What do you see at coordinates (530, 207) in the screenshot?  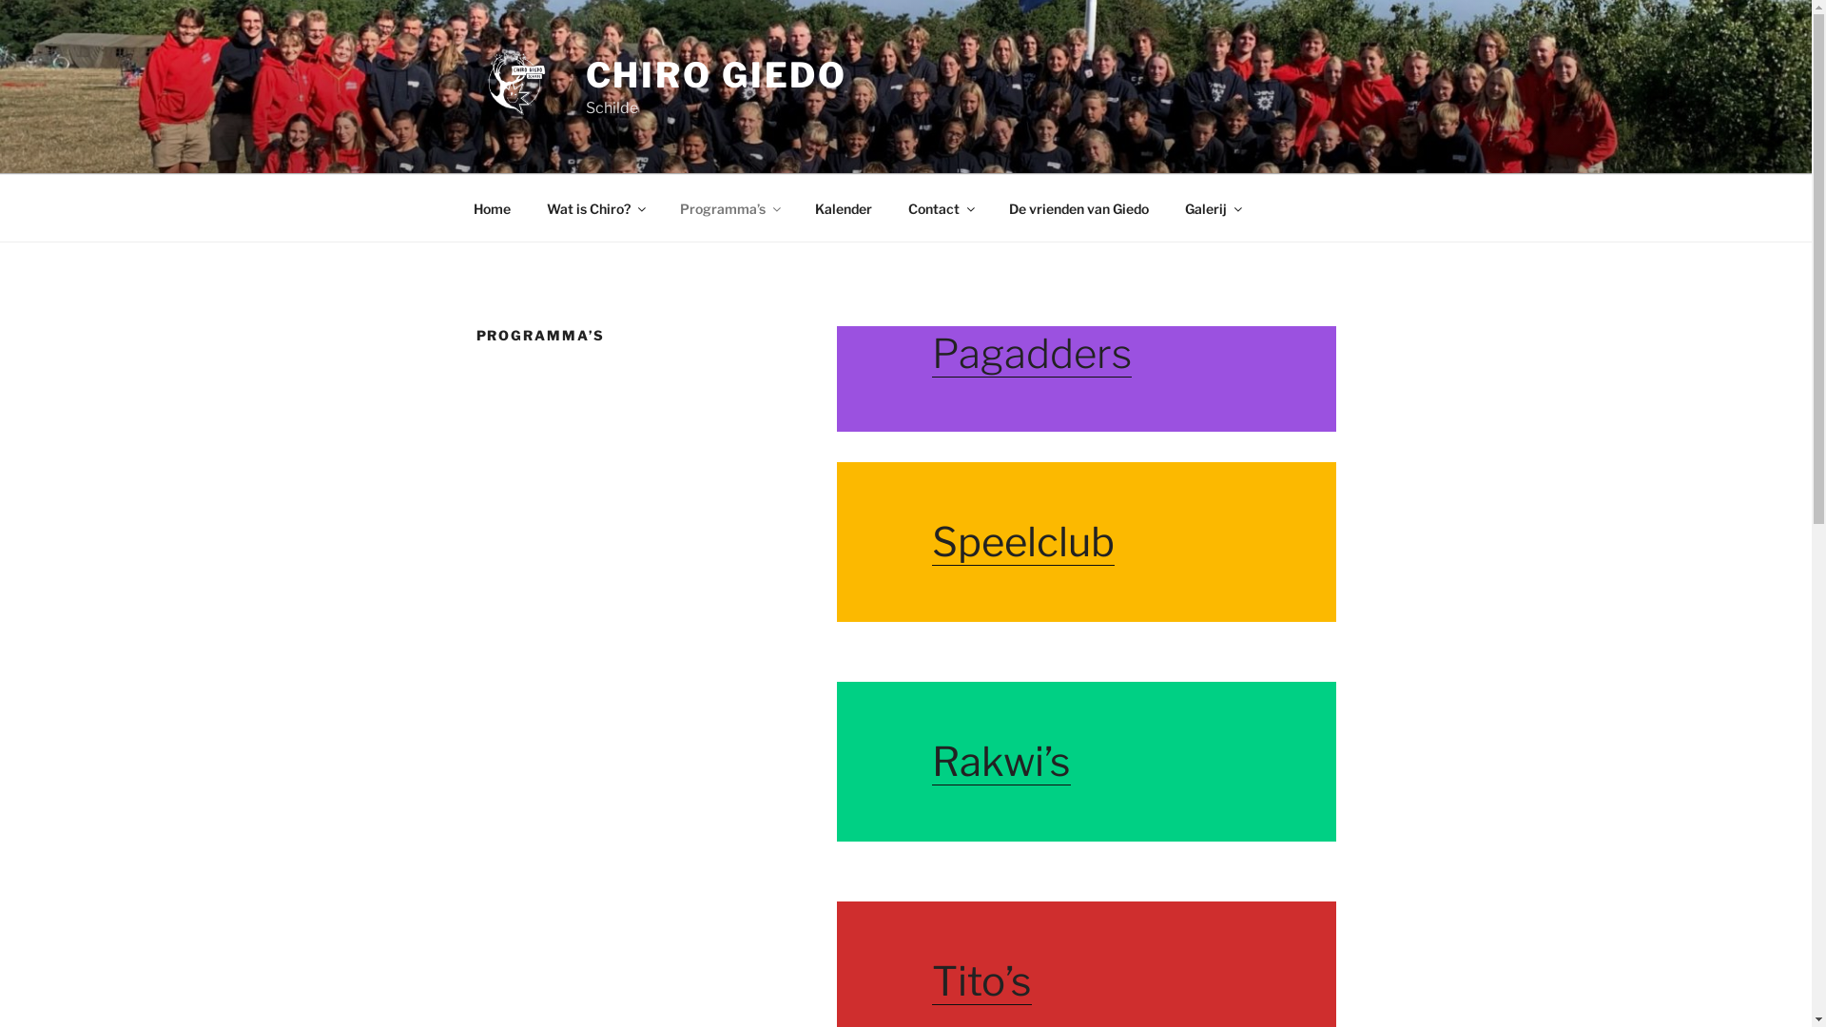 I see `'Wat is Chiro?'` at bounding box center [530, 207].